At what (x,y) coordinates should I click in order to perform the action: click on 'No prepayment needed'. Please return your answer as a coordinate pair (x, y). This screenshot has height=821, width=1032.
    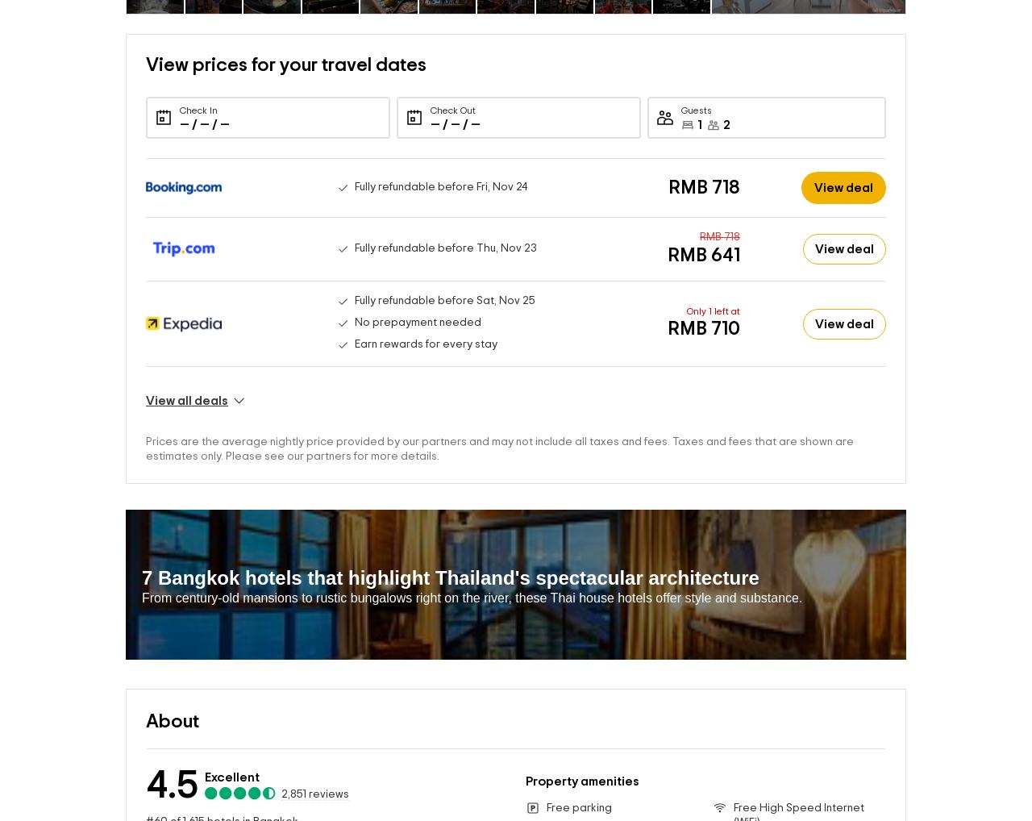
    Looking at the image, I should click on (417, 297).